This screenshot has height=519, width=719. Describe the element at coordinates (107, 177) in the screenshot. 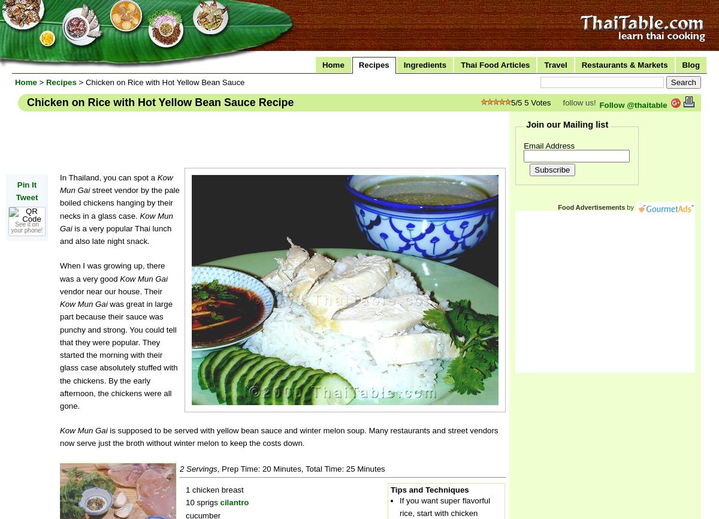

I see `'In Thailand, you can spot a'` at that location.